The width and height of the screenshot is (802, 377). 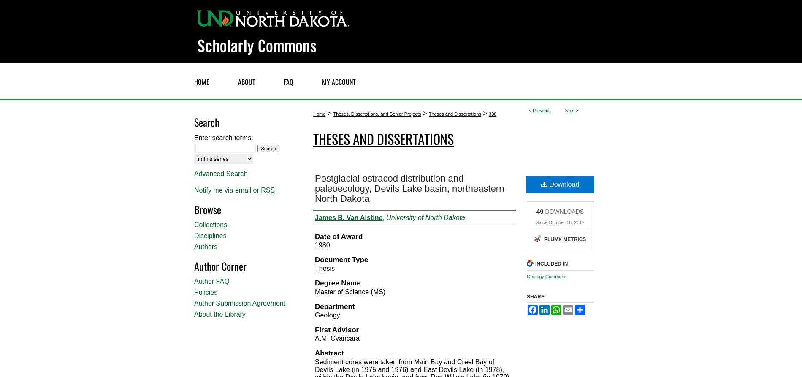 I want to click on 'James B. Van Alstine', so click(x=348, y=217).